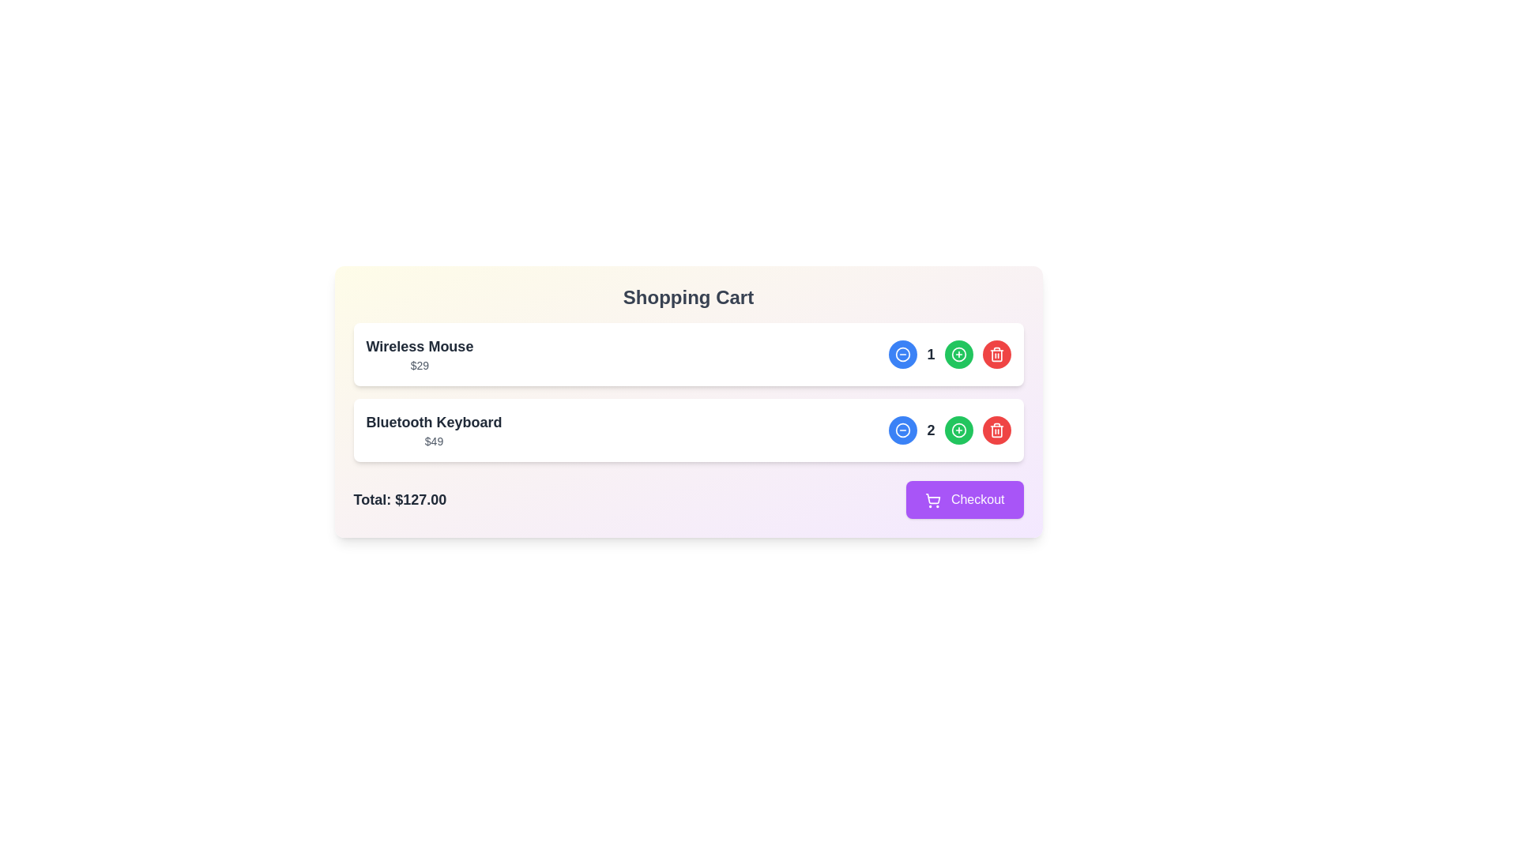 This screenshot has width=1517, height=853. I want to click on the circular blue decrement button with a white minus sign, so click(903, 353).